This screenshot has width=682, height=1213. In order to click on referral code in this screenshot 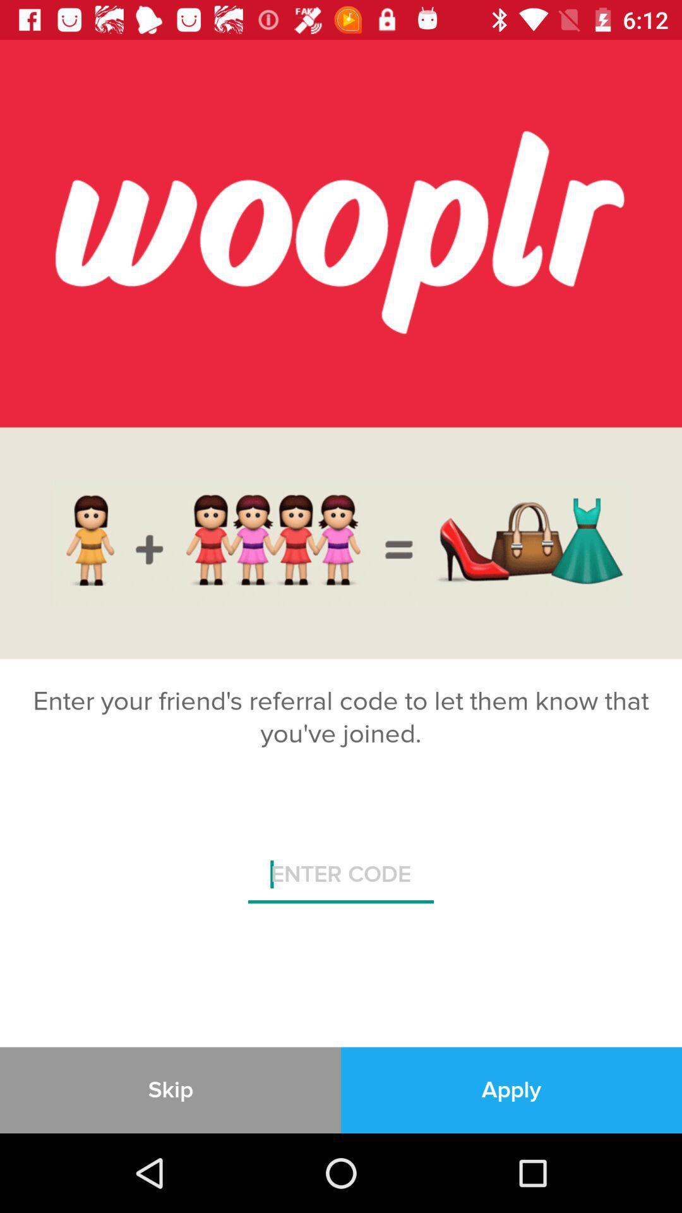, I will do `click(341, 879)`.